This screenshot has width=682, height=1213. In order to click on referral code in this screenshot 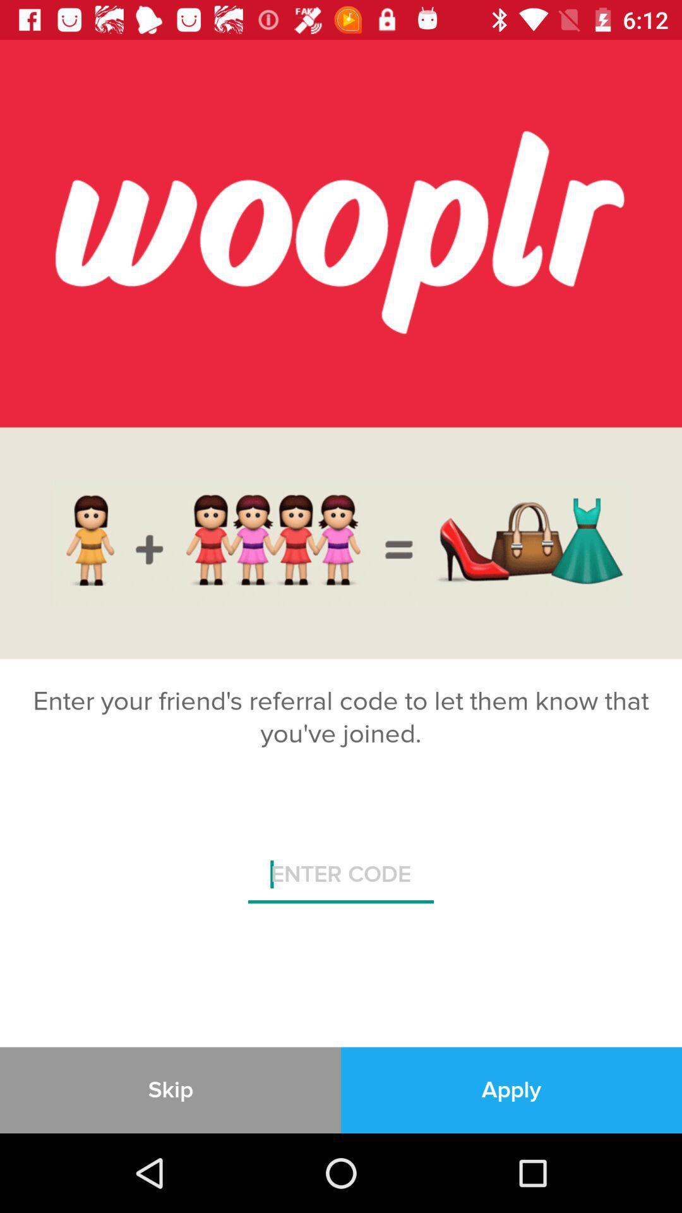, I will do `click(341, 879)`.